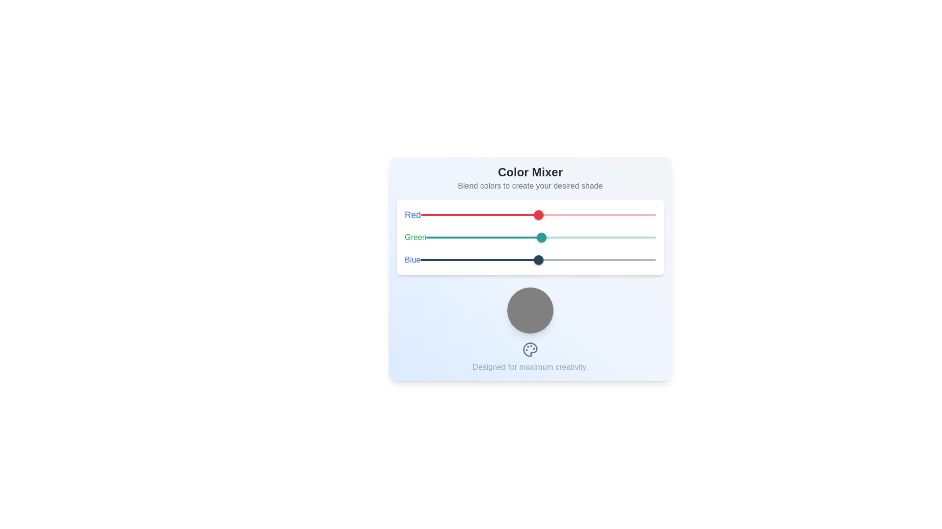  I want to click on the red color intensity, so click(588, 215).